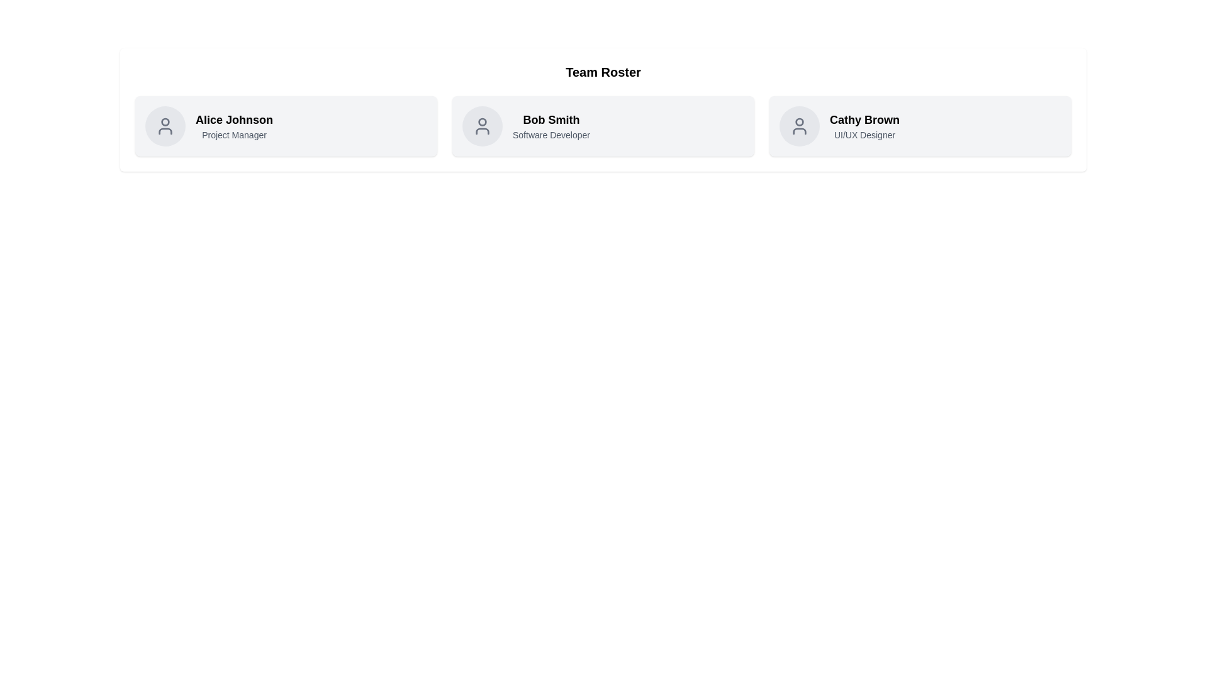 The height and width of the screenshot is (679, 1208). Describe the element at coordinates (864, 126) in the screenshot. I see `text content of the Text Display located in the third profile card on the far right, positioned beneath the circular user icon` at that location.